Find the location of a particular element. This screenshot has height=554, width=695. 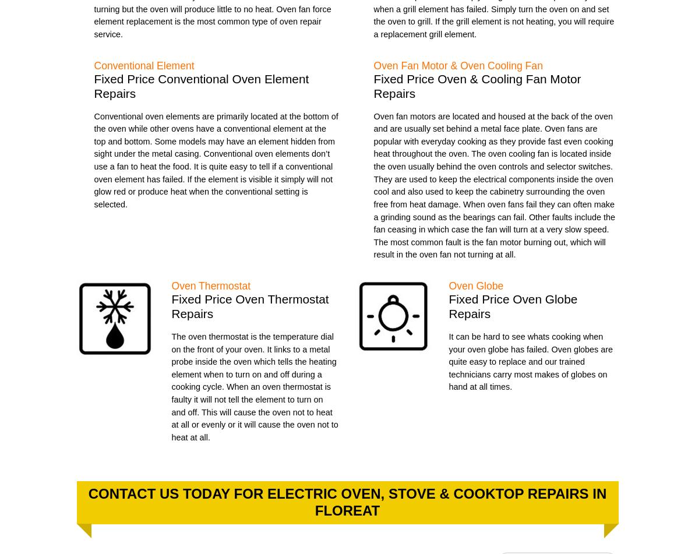

'Conventional oven elements are primarily located at the bottom of the oven while other ovens have a conventional element at the top and bottom. Some models may have an element hidden from sight under the metal casing. Conventional oven elements don’t use a fan to heat the food. It is quite easy to tell if a conventional oven element has failed. If the element is visible it simply will not glow red or produce heat when the conventional setting is selected.' is located at coordinates (216, 160).